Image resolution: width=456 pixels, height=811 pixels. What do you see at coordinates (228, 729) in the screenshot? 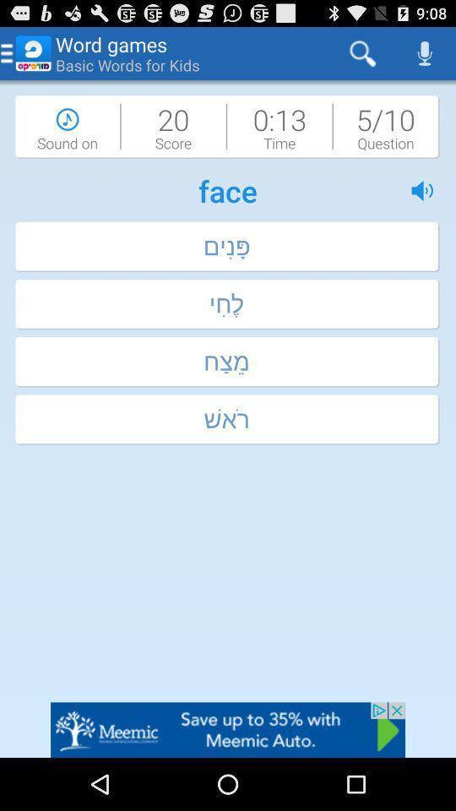
I see `open advertisement` at bounding box center [228, 729].